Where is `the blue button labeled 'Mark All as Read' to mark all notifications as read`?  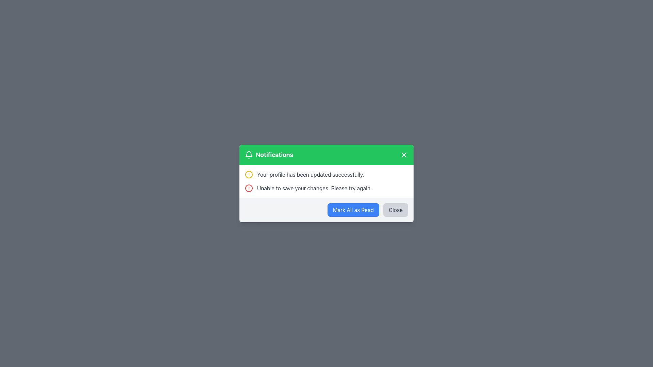
the blue button labeled 'Mark All as Read' to mark all notifications as read is located at coordinates (353, 209).